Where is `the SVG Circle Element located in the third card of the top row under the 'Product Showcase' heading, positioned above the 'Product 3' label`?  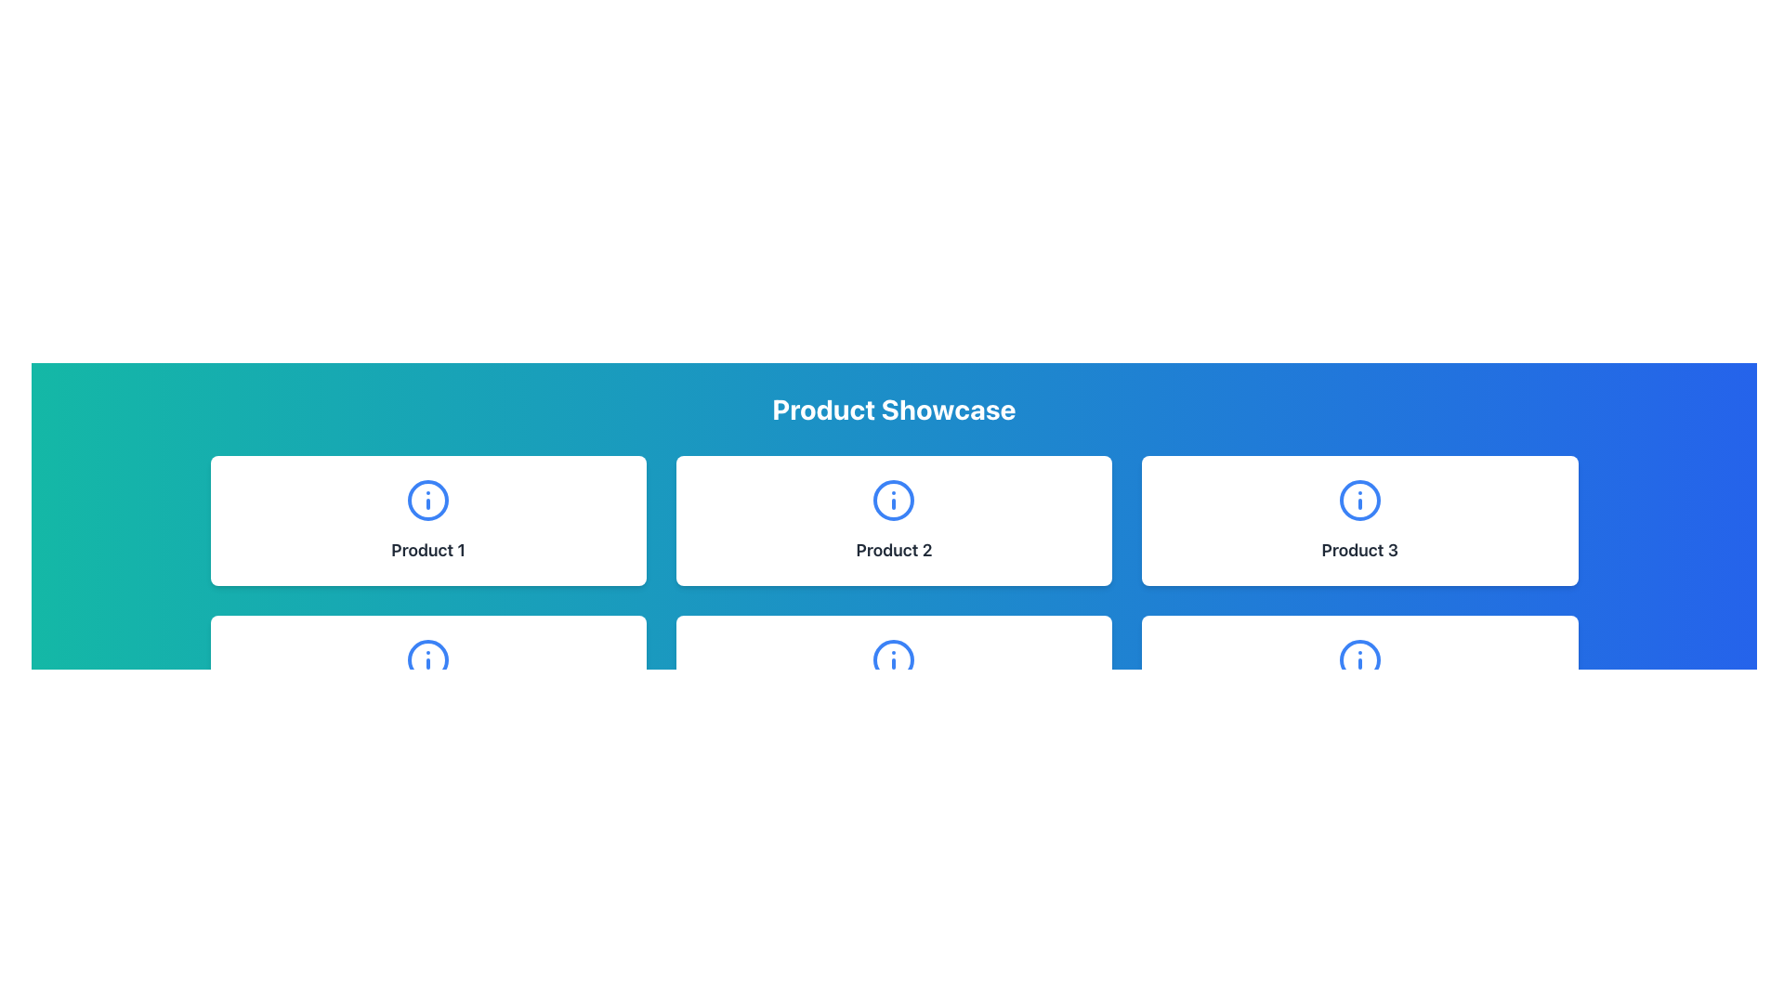
the SVG Circle Element located in the third card of the top row under the 'Product Showcase' heading, positioned above the 'Product 3' label is located at coordinates (1359, 500).